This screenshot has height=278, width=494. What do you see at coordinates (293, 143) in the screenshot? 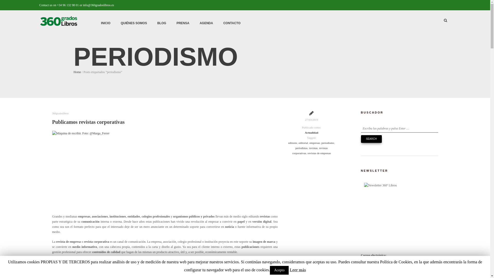
I see `'editores'` at bounding box center [293, 143].